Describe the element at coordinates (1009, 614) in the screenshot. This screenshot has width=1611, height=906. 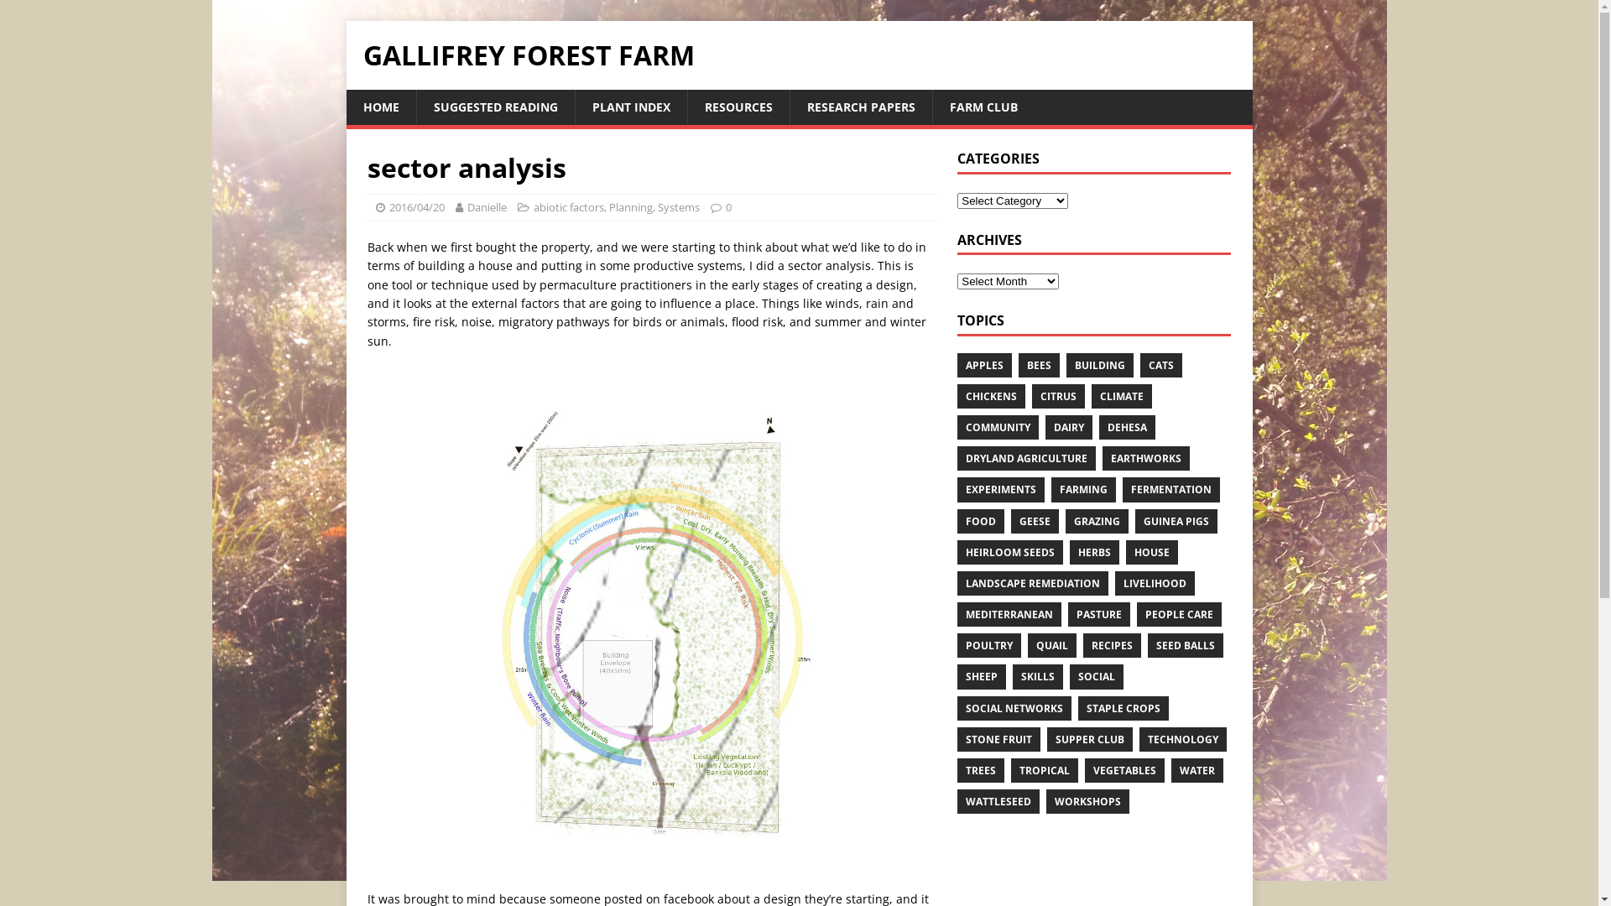
I see `'MEDITERRANEAN'` at that location.